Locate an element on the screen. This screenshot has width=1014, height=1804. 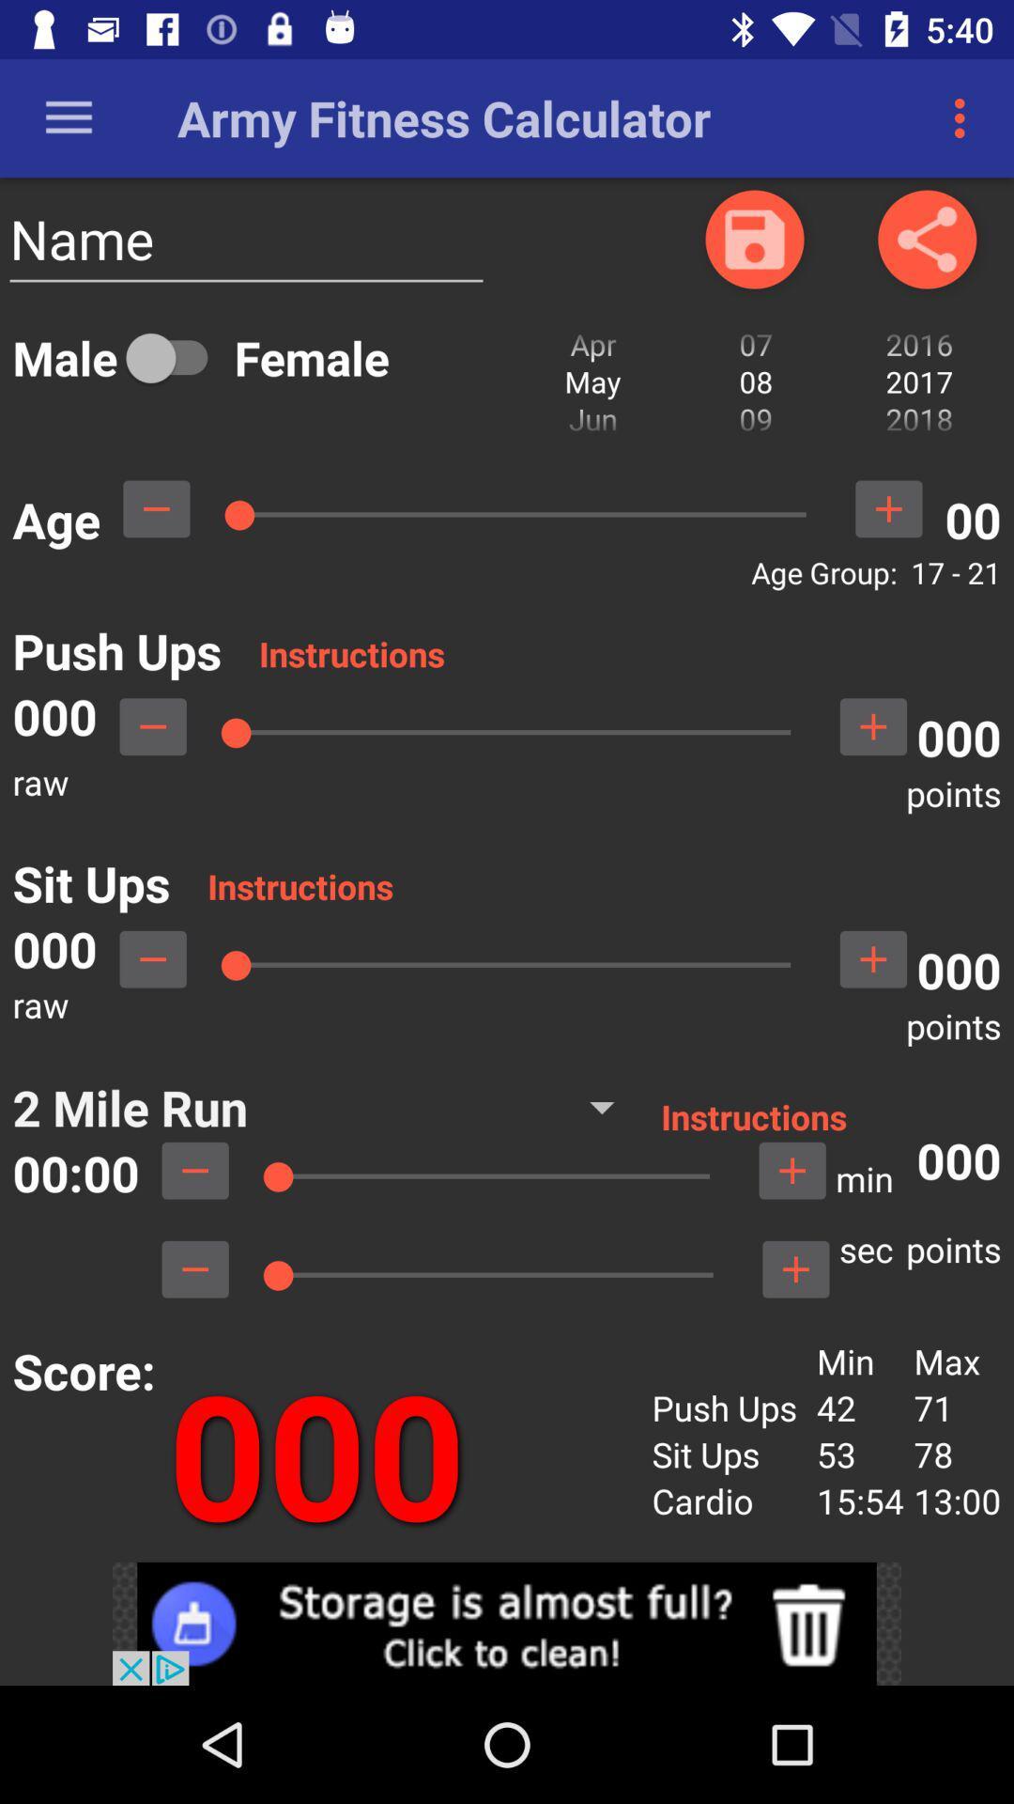
icon is located at coordinates (753, 238).